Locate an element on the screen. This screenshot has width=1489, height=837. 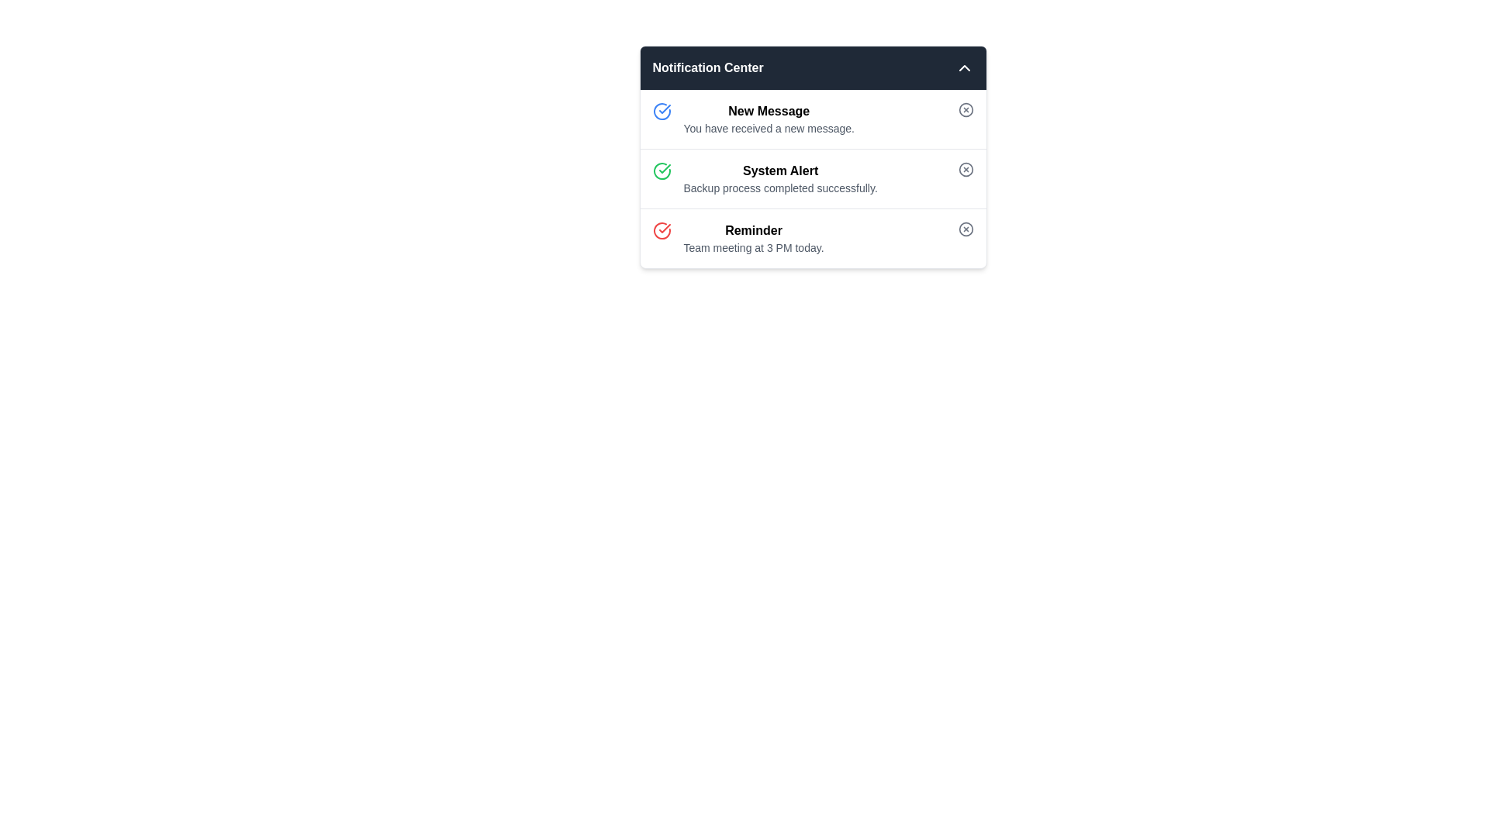
the Text Label in the 'Reminder' section of the 'Notification Center' pane that provides details about the reminder notification is located at coordinates (754, 247).